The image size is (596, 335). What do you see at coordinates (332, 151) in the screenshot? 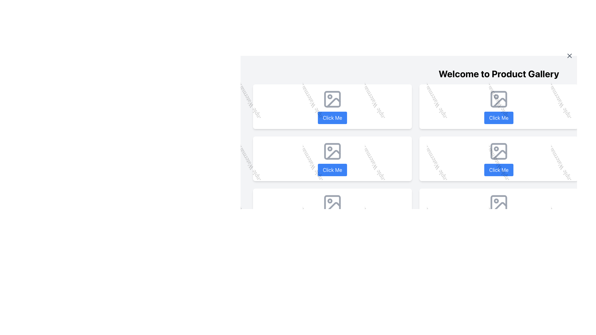
I see `the decorative shape within the SVG graphical element that serves as the background of the second icon in the second row of icons` at bounding box center [332, 151].